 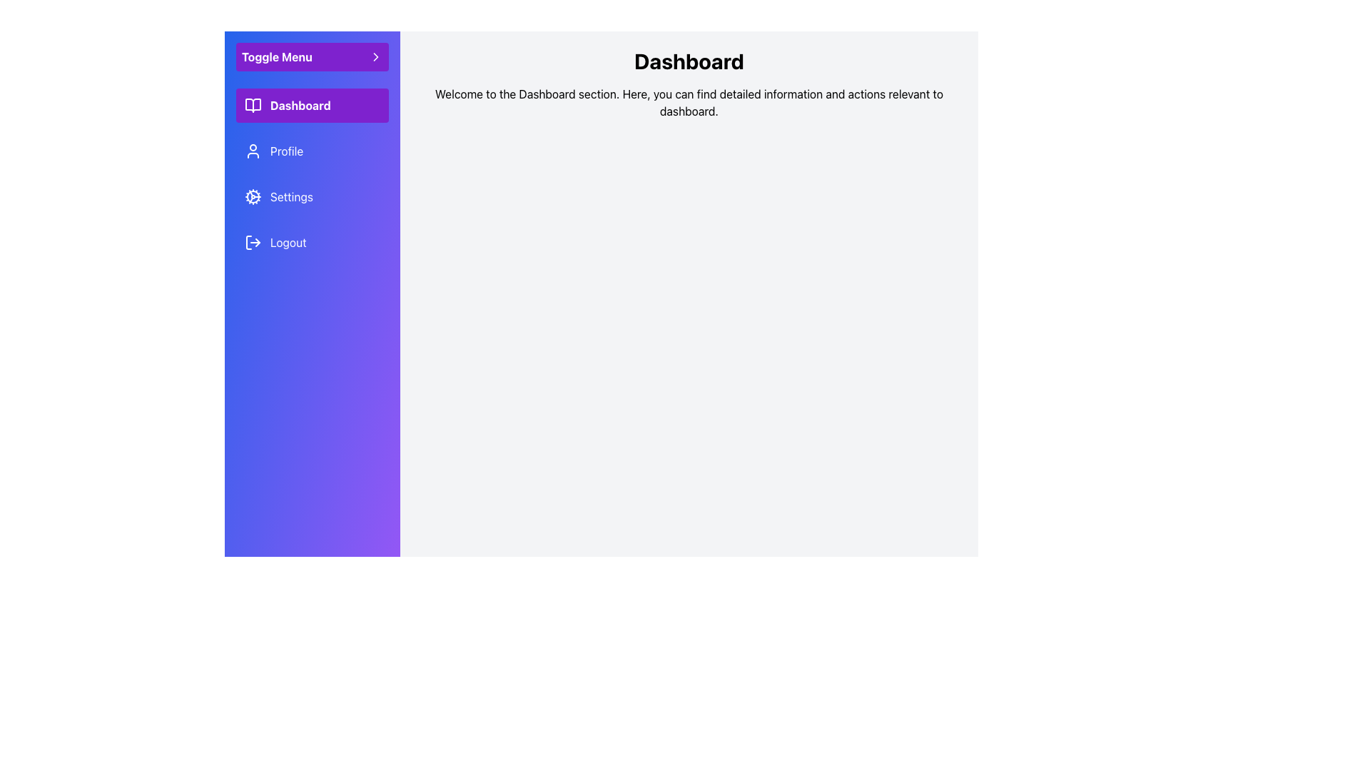 I want to click on the static text displaying the welcome message 'Welcome to the Dashboard section. Here, you can find detailed information and actions relevant to dashboard.' located beneath the 'Dashboard' title, so click(x=689, y=101).